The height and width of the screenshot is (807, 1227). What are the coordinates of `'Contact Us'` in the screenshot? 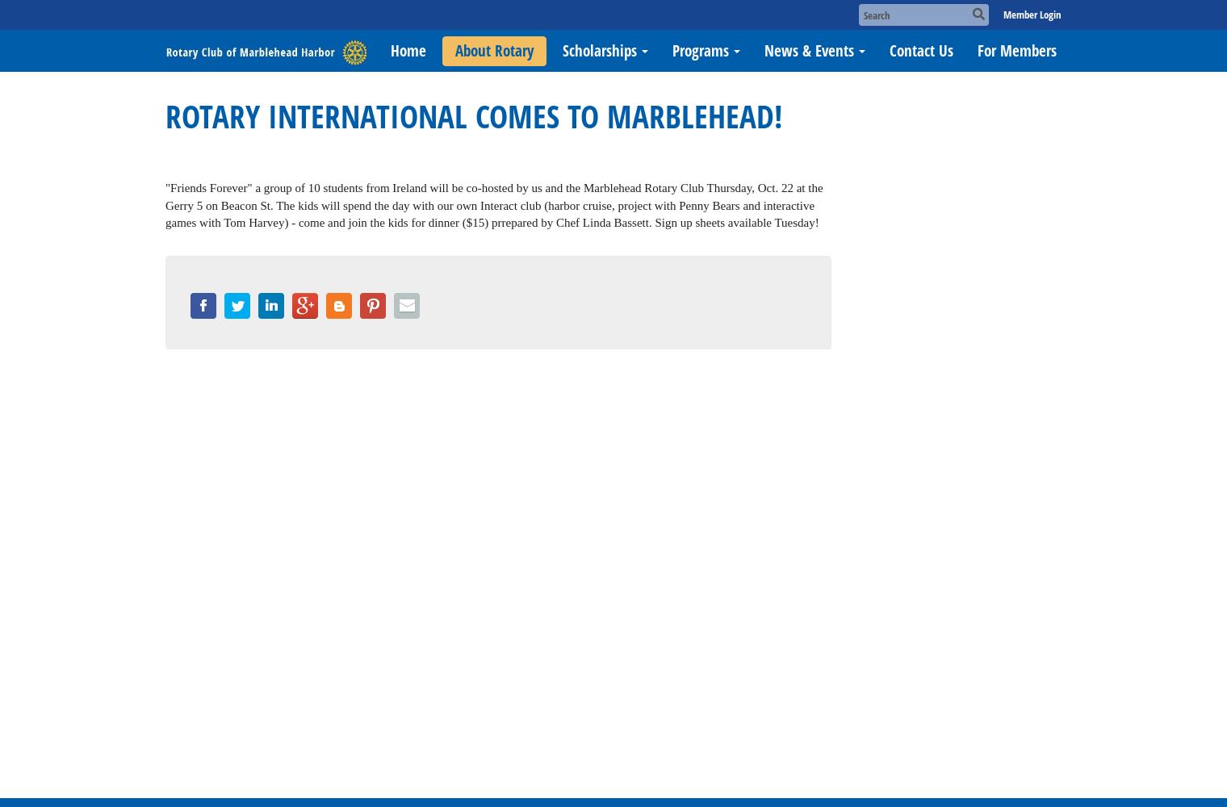 It's located at (920, 50).